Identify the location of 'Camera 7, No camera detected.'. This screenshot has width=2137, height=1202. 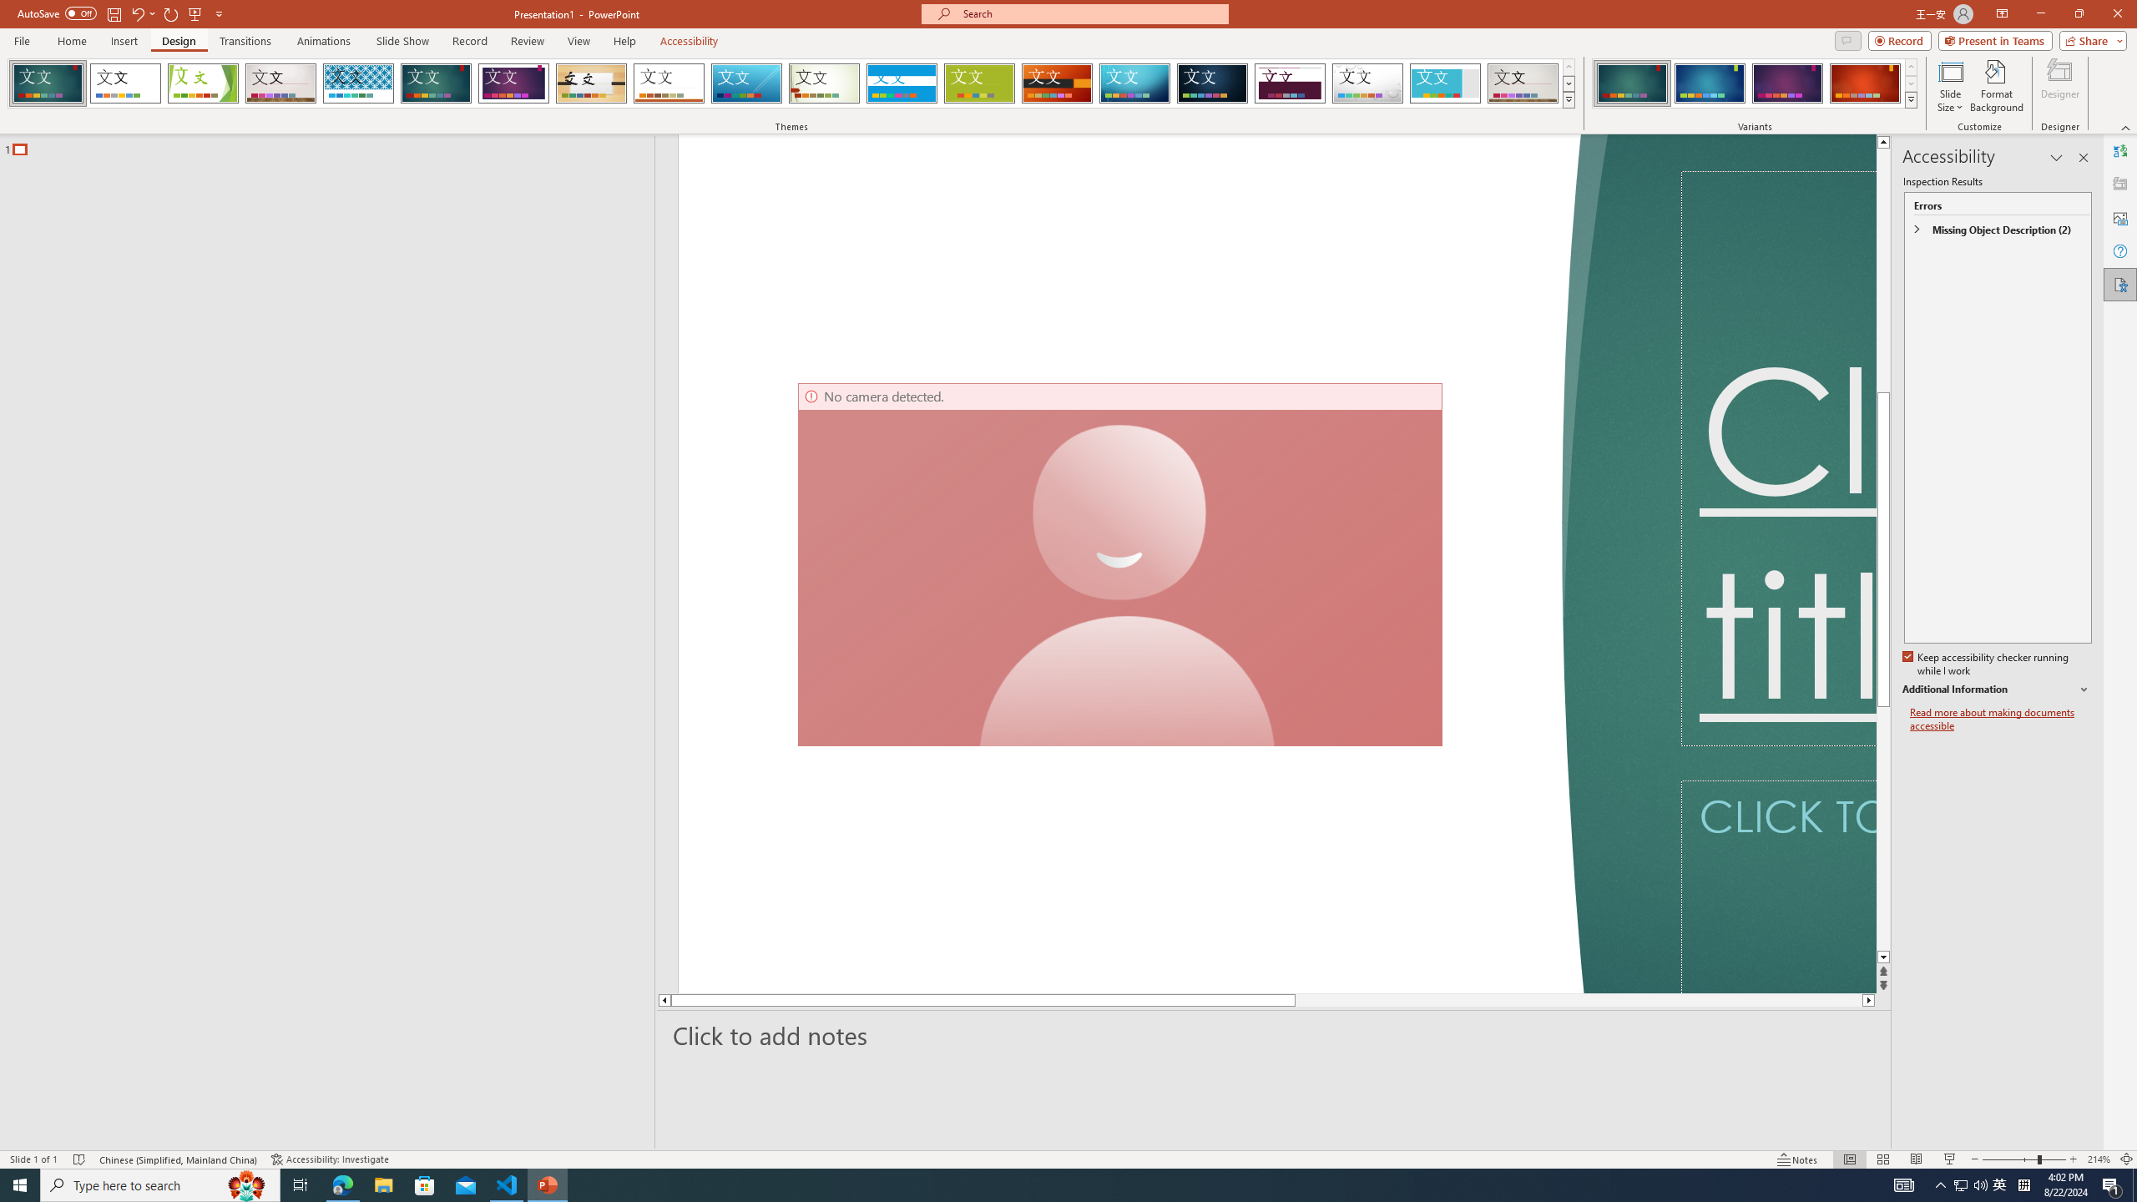
(1119, 563).